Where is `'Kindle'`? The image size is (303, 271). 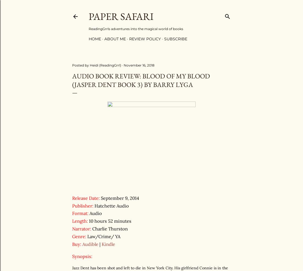
'Kindle' is located at coordinates (109, 244).